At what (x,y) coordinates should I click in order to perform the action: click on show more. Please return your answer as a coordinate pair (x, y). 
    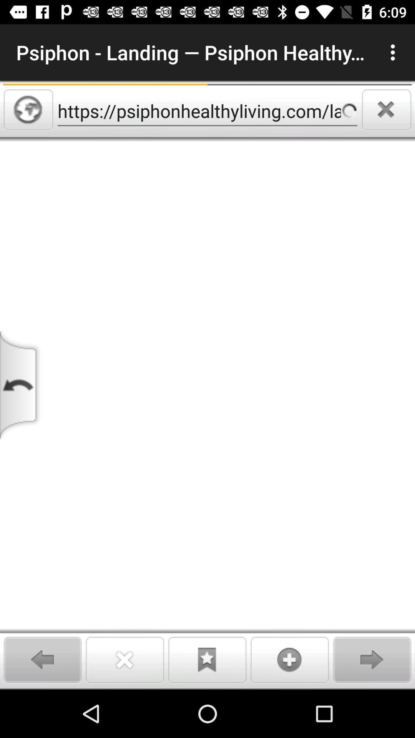
    Looking at the image, I should click on (290, 659).